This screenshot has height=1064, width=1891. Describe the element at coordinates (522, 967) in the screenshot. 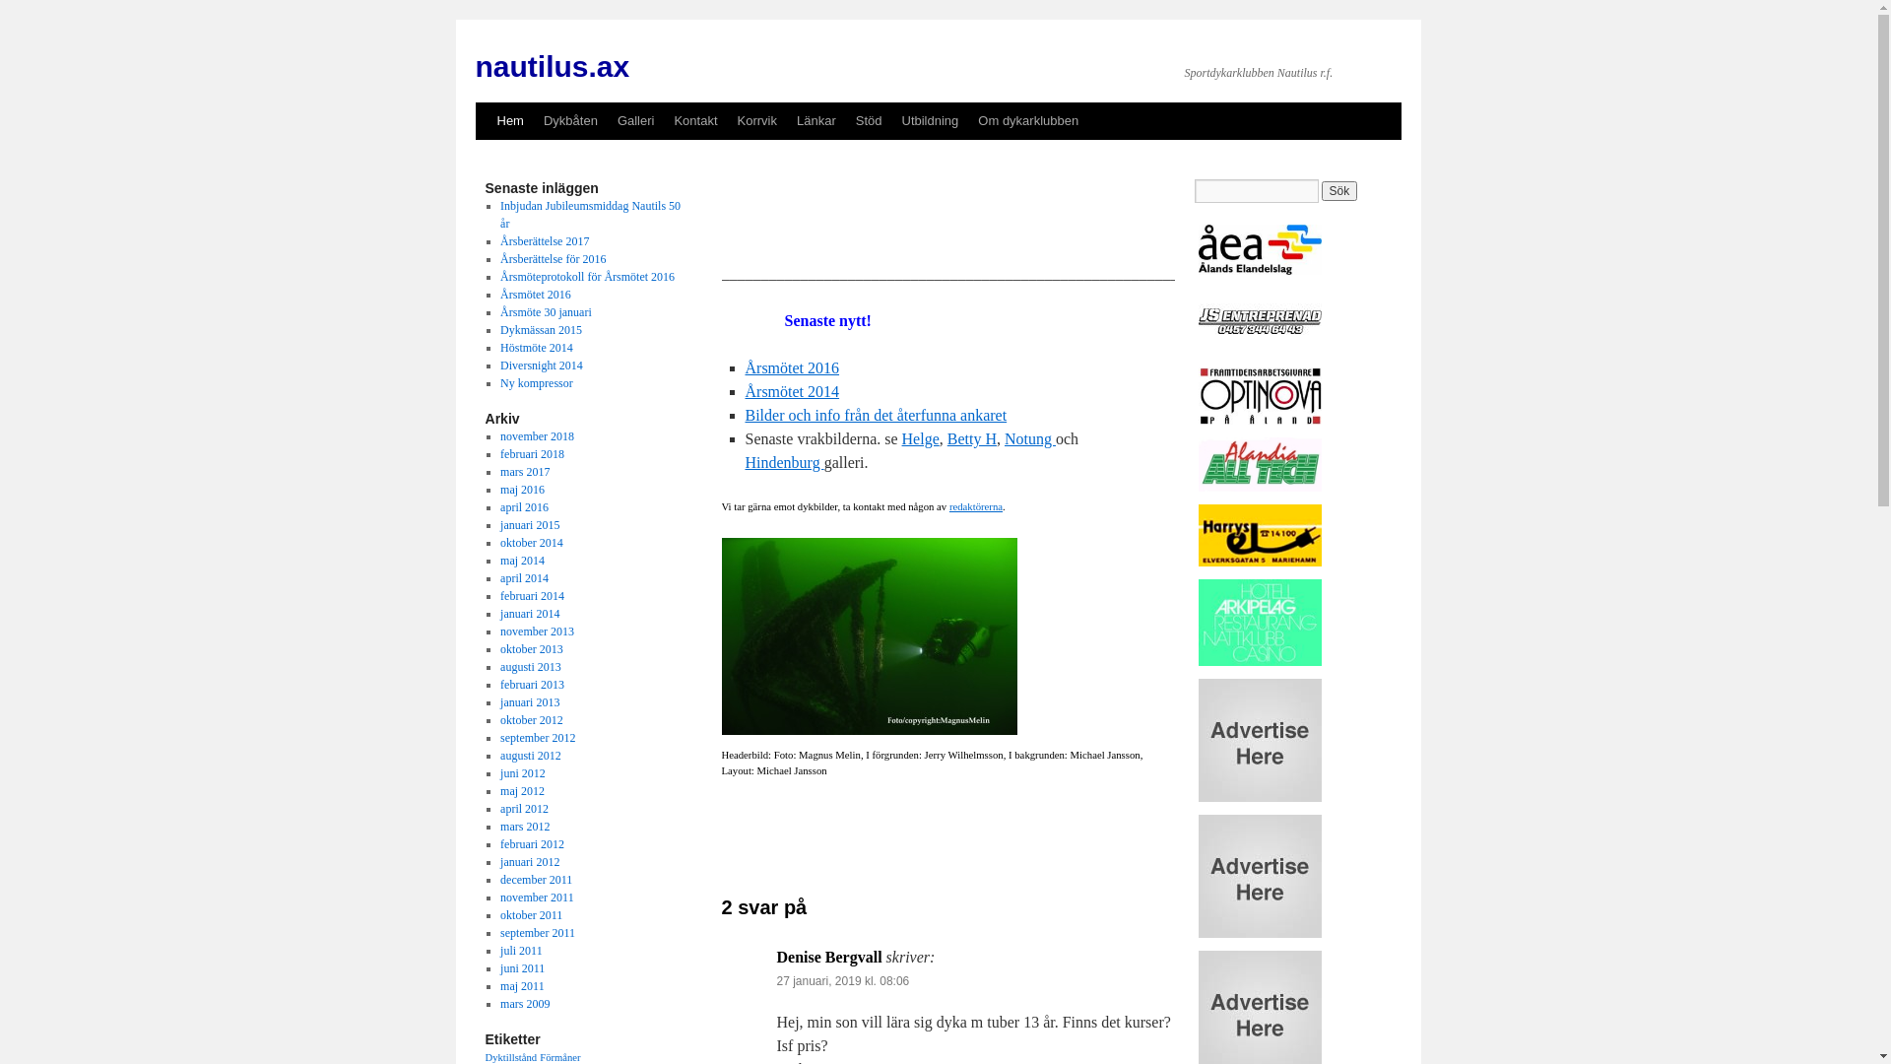

I see `'juni 2011'` at that location.